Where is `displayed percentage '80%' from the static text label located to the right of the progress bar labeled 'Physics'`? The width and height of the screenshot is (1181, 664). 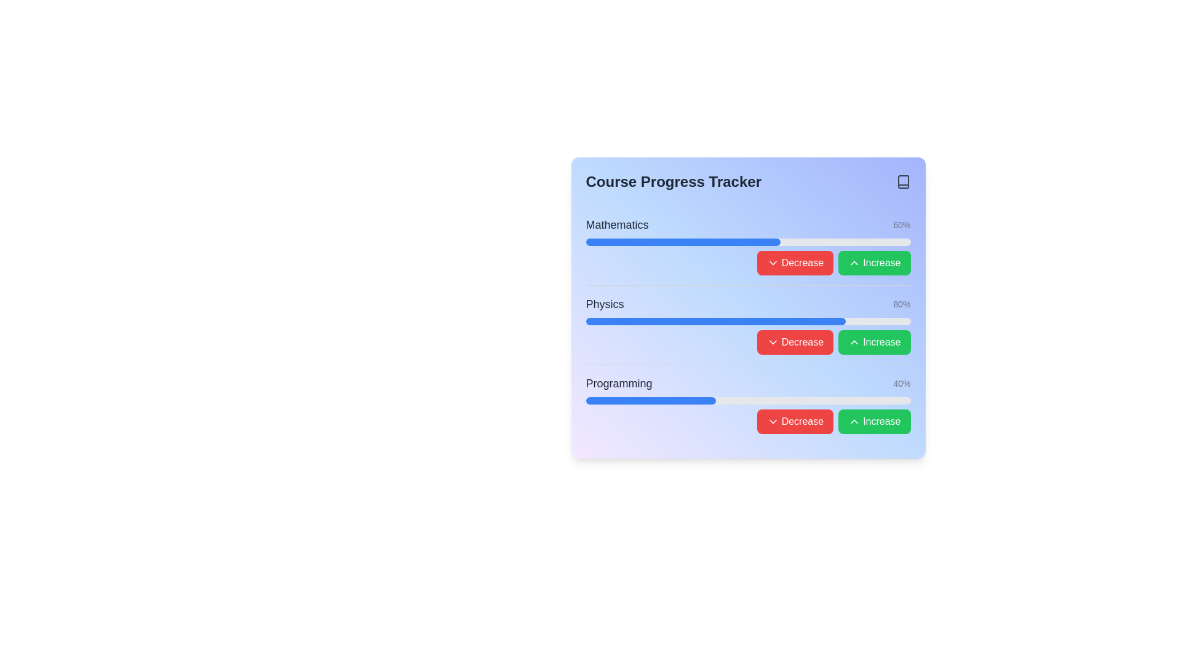
displayed percentage '80%' from the static text label located to the right of the progress bar labeled 'Physics' is located at coordinates (902, 304).